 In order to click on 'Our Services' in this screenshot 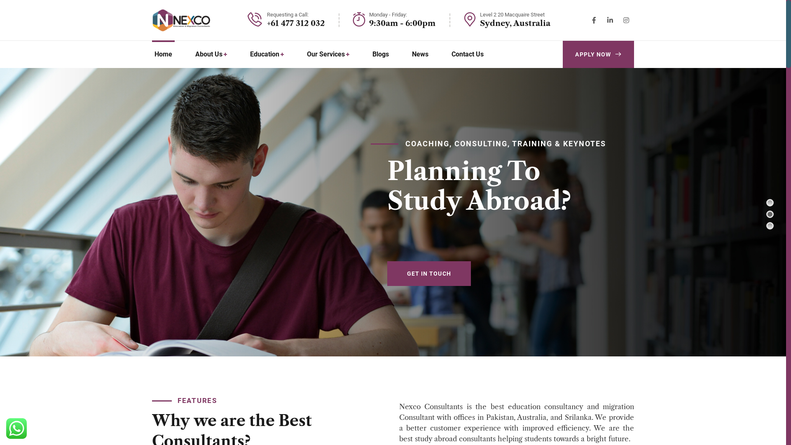, I will do `click(328, 54)`.